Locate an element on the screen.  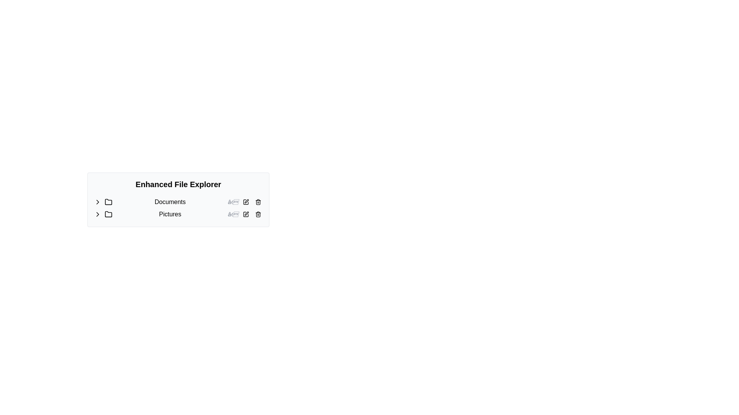
the pen icon button, which is the second icon in a horizontal row next to the text label 'Documents', to initiate an edit action is located at coordinates (245, 201).